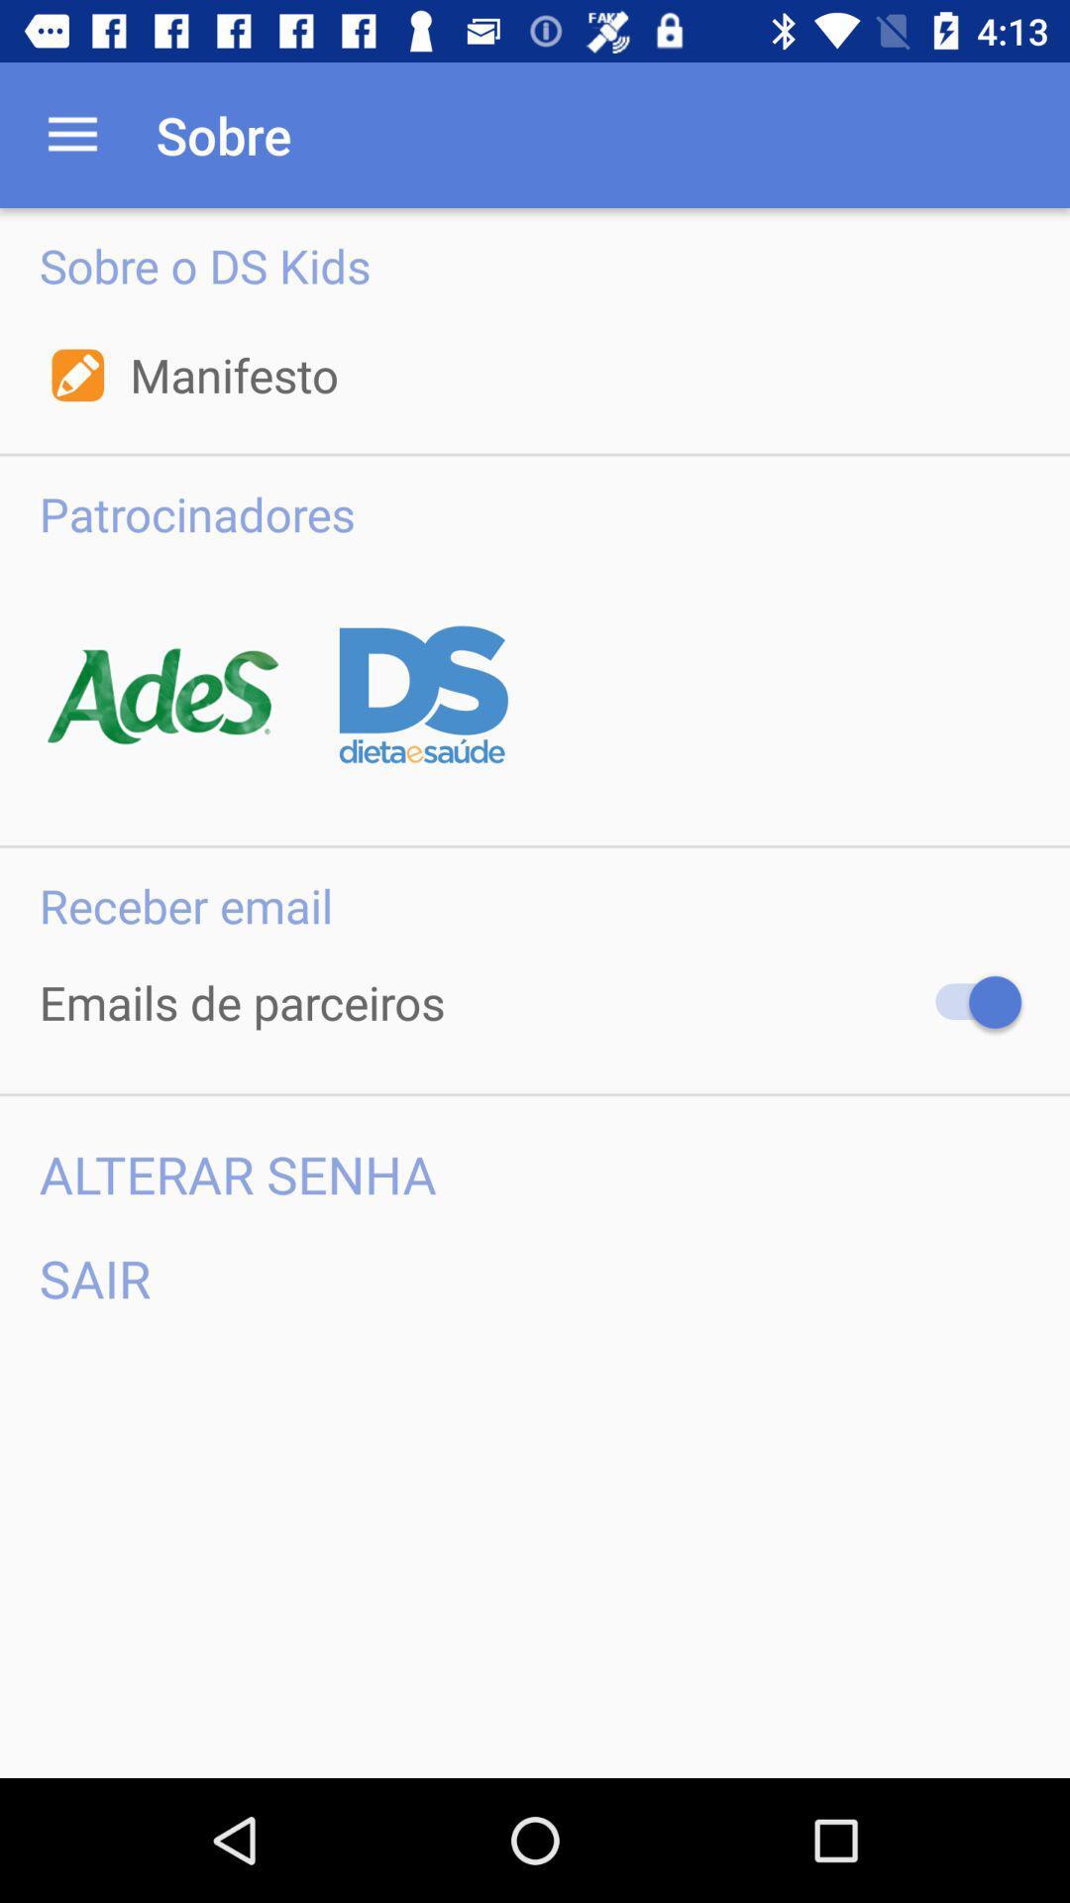  I want to click on email preferences, so click(968, 1002).